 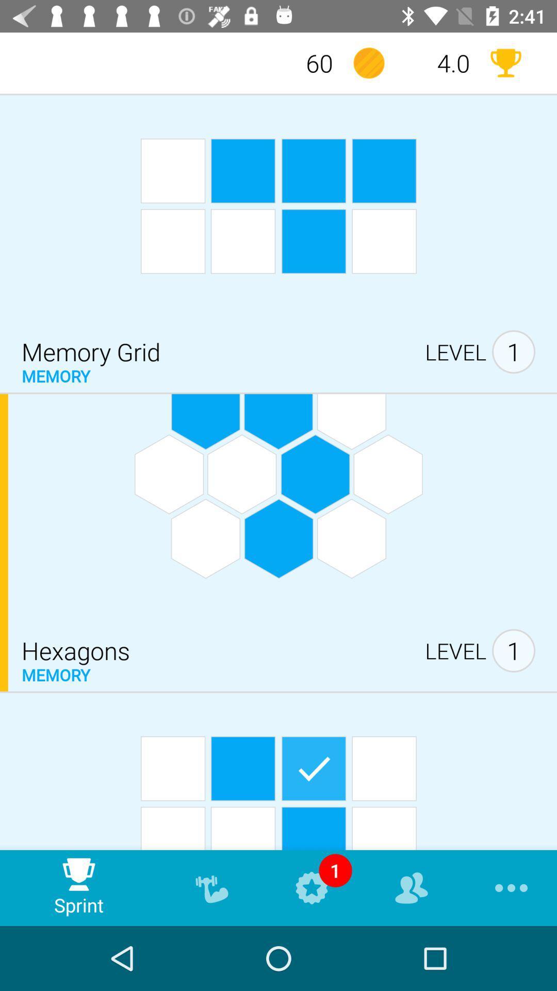 What do you see at coordinates (437, 62) in the screenshot?
I see `the 4.0 item` at bounding box center [437, 62].